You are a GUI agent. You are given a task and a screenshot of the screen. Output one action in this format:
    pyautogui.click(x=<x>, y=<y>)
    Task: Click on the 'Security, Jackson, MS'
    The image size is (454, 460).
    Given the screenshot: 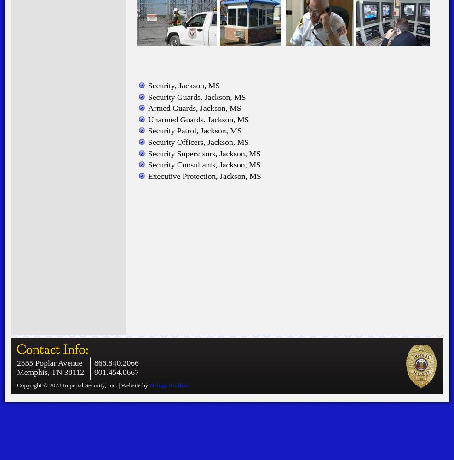 What is the action you would take?
    pyautogui.click(x=184, y=85)
    